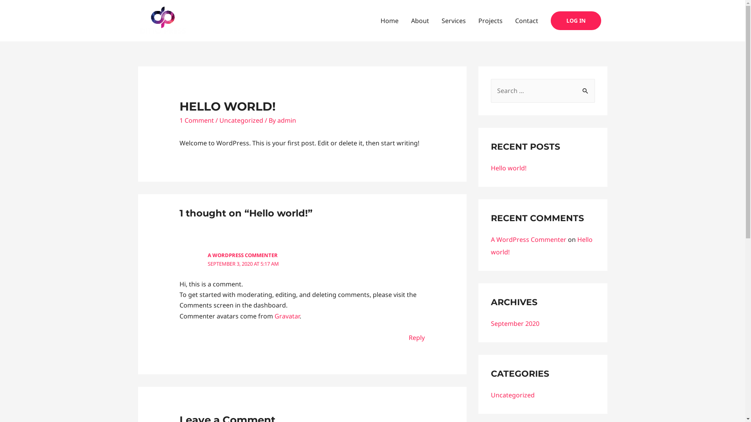  I want to click on 'Reply', so click(416, 337).